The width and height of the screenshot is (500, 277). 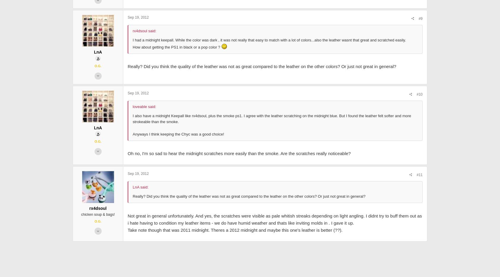 I want to click on 'rx4dsoul said:', so click(x=144, y=73).